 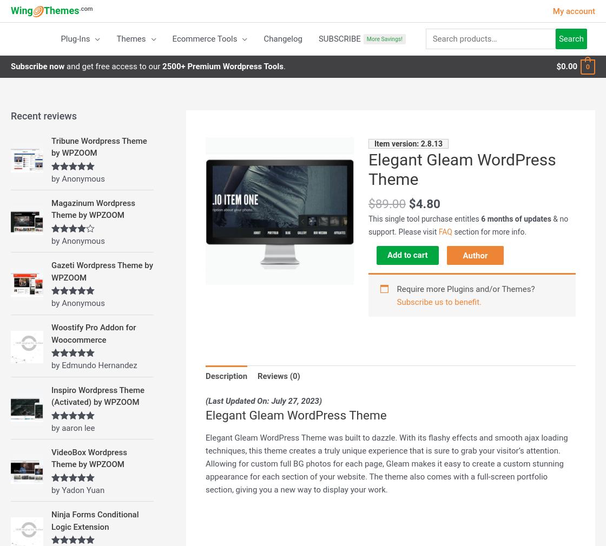 I want to click on 'My account', so click(x=574, y=10).